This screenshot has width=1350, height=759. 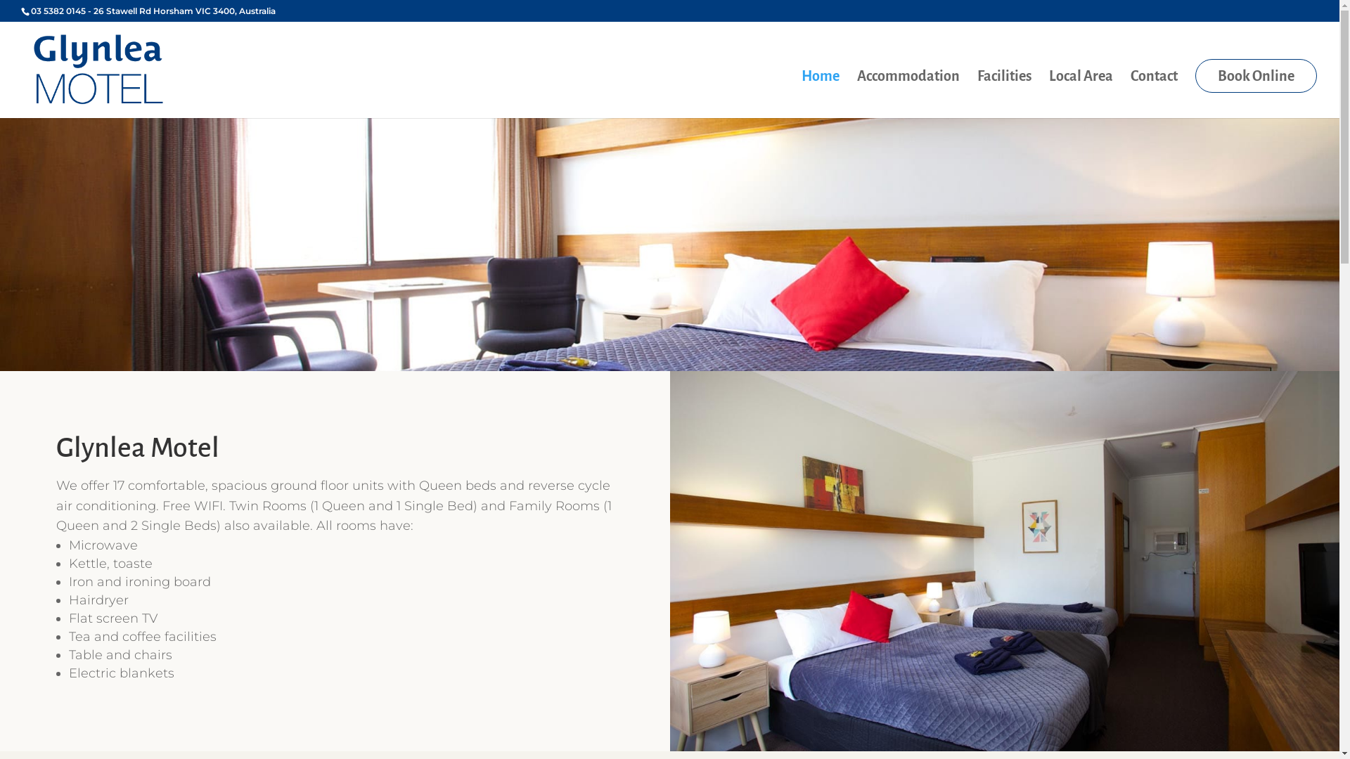 I want to click on 'Local Area', so click(x=1080, y=94).